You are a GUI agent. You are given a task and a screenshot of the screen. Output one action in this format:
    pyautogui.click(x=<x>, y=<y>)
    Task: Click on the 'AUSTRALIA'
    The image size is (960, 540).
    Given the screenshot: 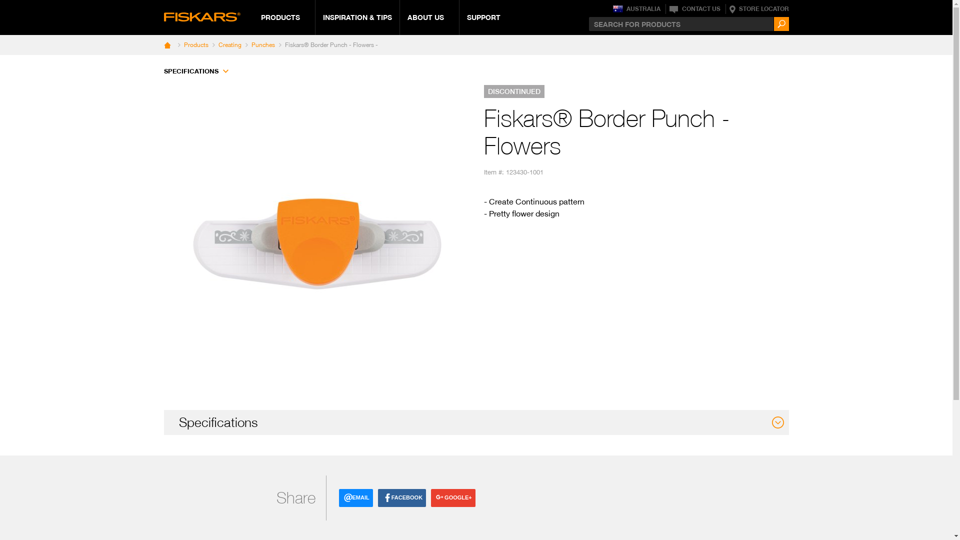 What is the action you would take?
    pyautogui.click(x=636, y=9)
    